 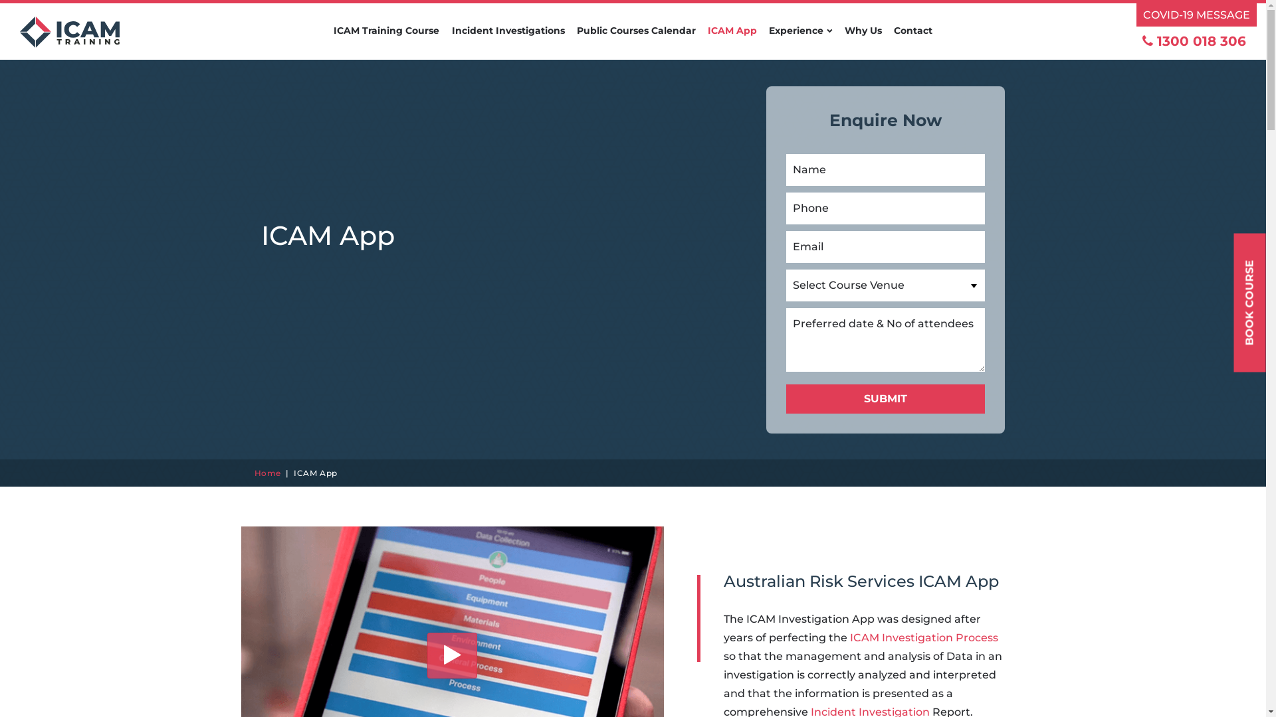 What do you see at coordinates (912, 40) in the screenshot?
I see `'Contact'` at bounding box center [912, 40].